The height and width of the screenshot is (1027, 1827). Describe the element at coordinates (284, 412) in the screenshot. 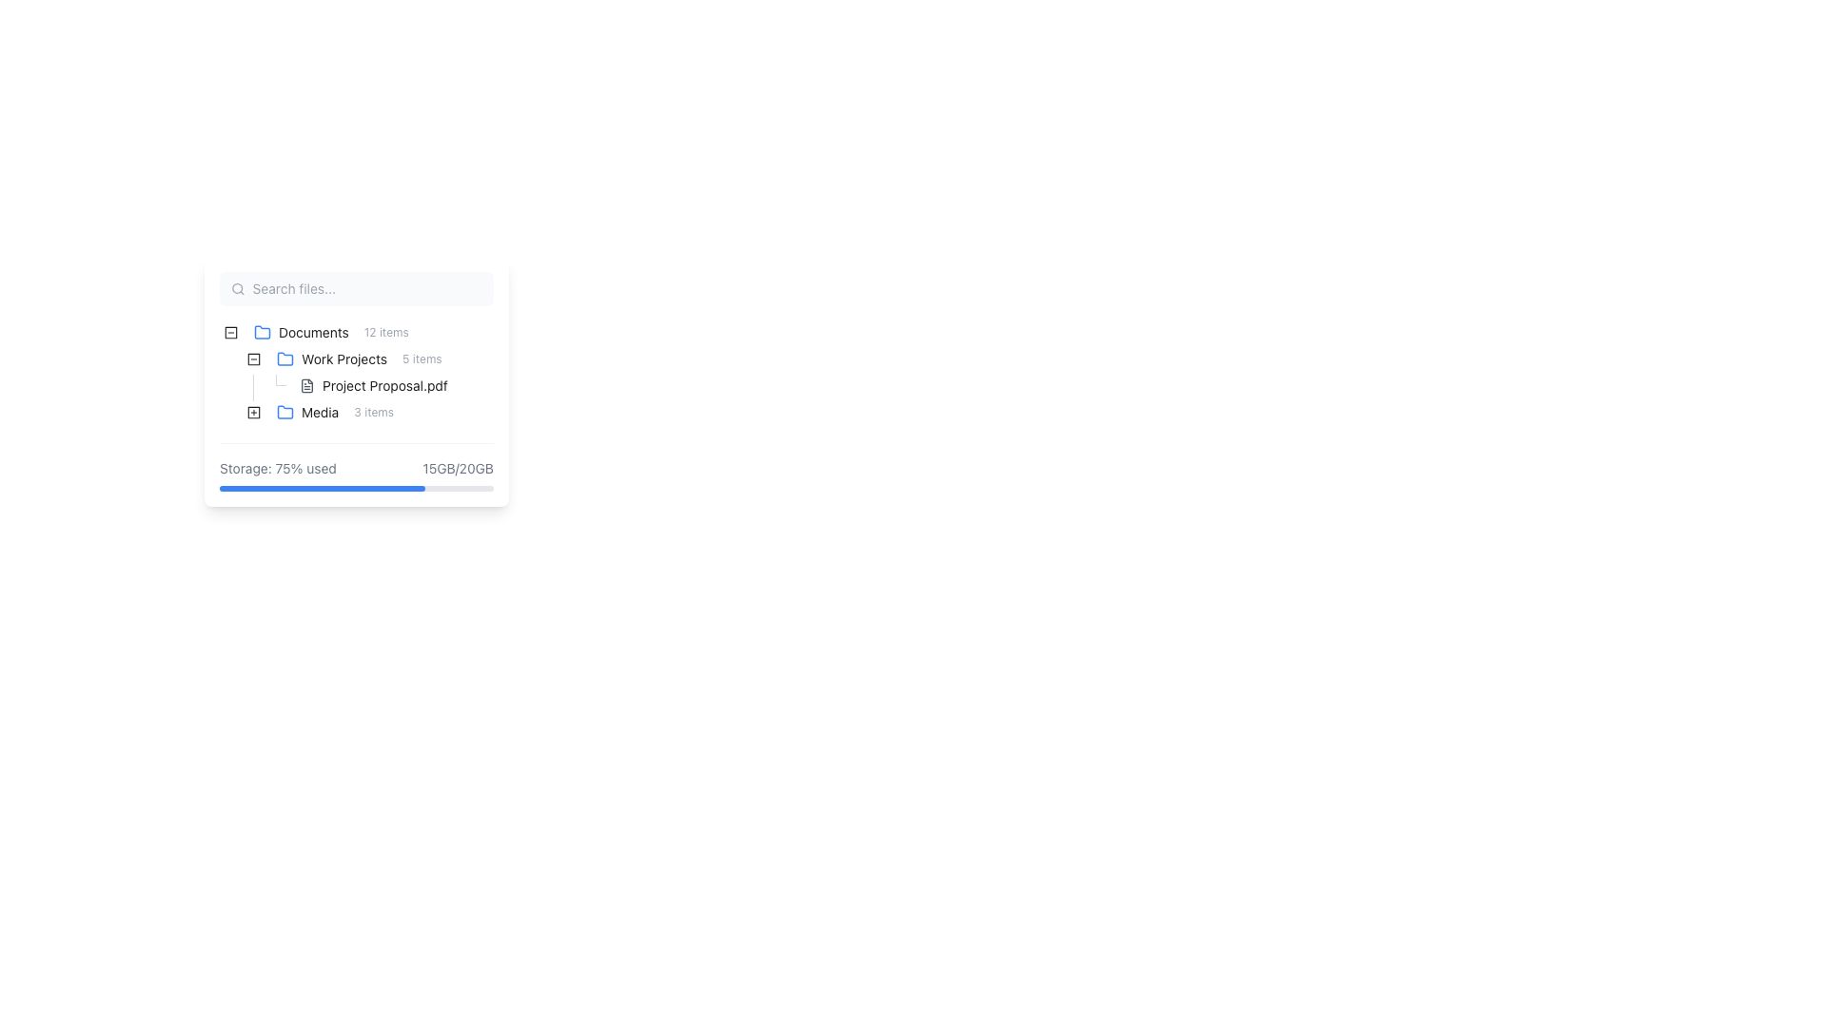

I see `the folder icon indicating the 'Media' files, which is positioned to the left of the label 'Media' and the descriptive text '3 items'` at that location.